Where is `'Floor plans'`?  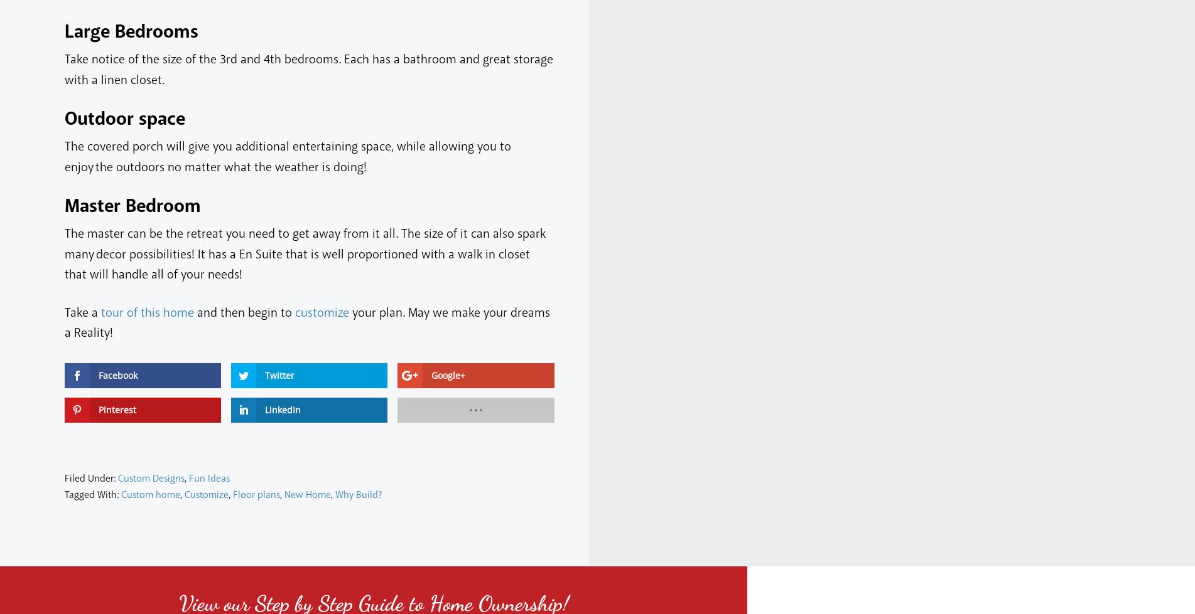
'Floor plans' is located at coordinates (256, 494).